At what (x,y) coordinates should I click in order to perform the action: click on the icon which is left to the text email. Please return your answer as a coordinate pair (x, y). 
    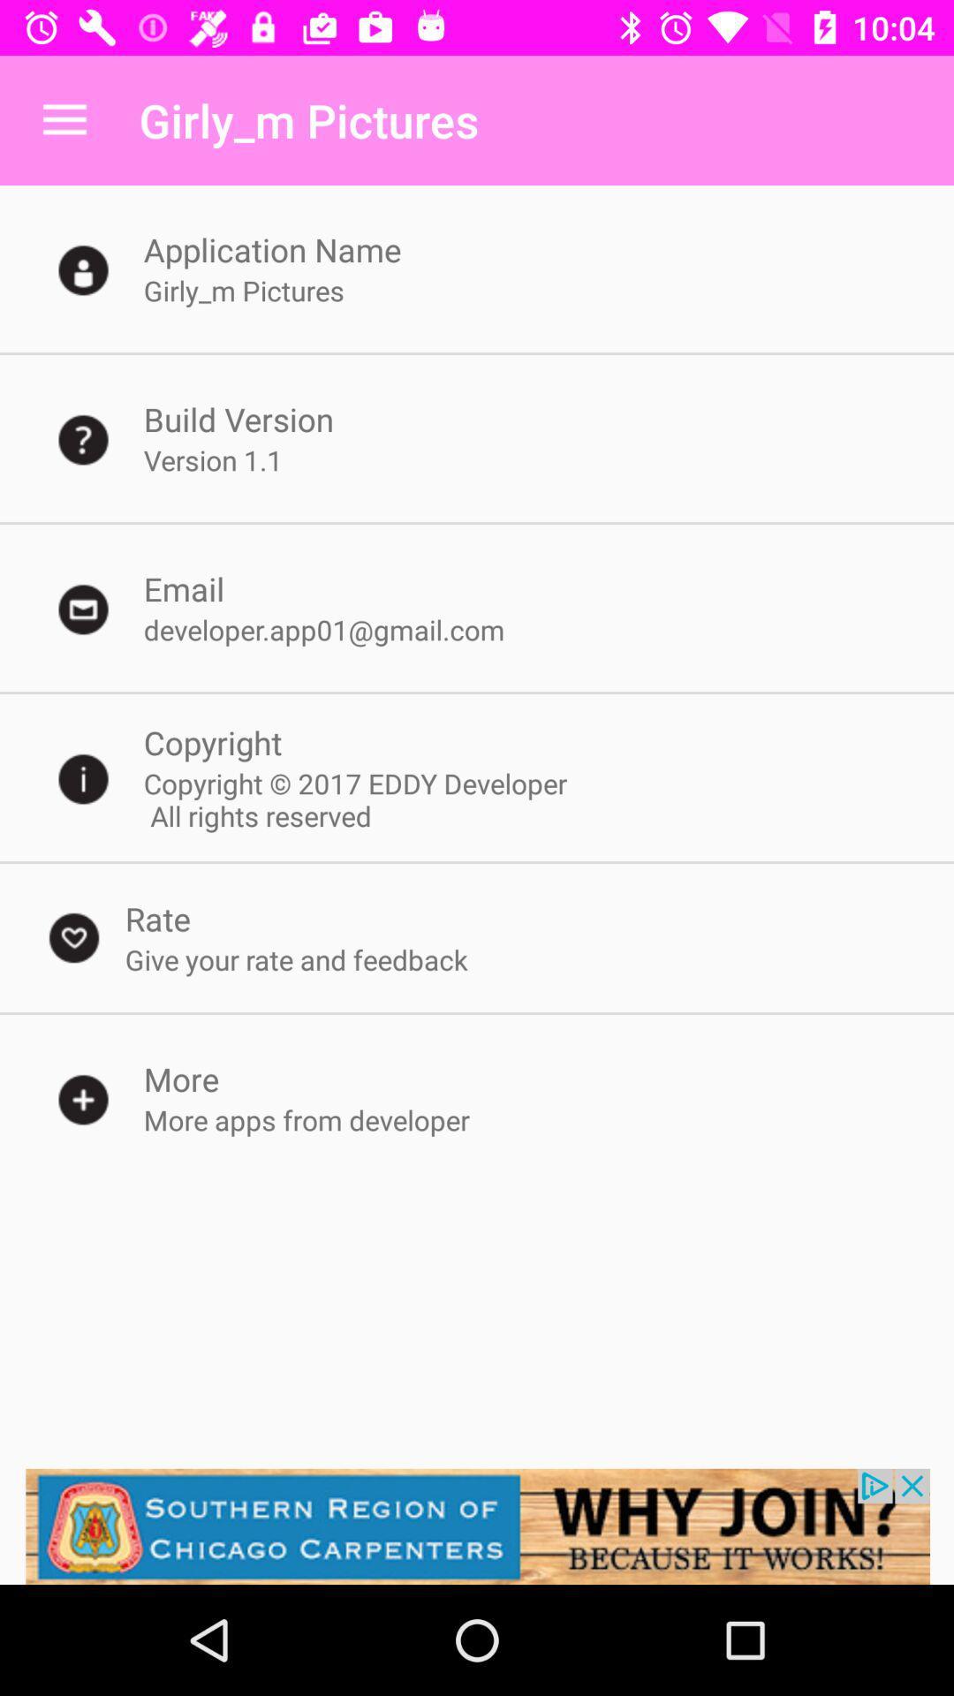
    Looking at the image, I should click on (84, 609).